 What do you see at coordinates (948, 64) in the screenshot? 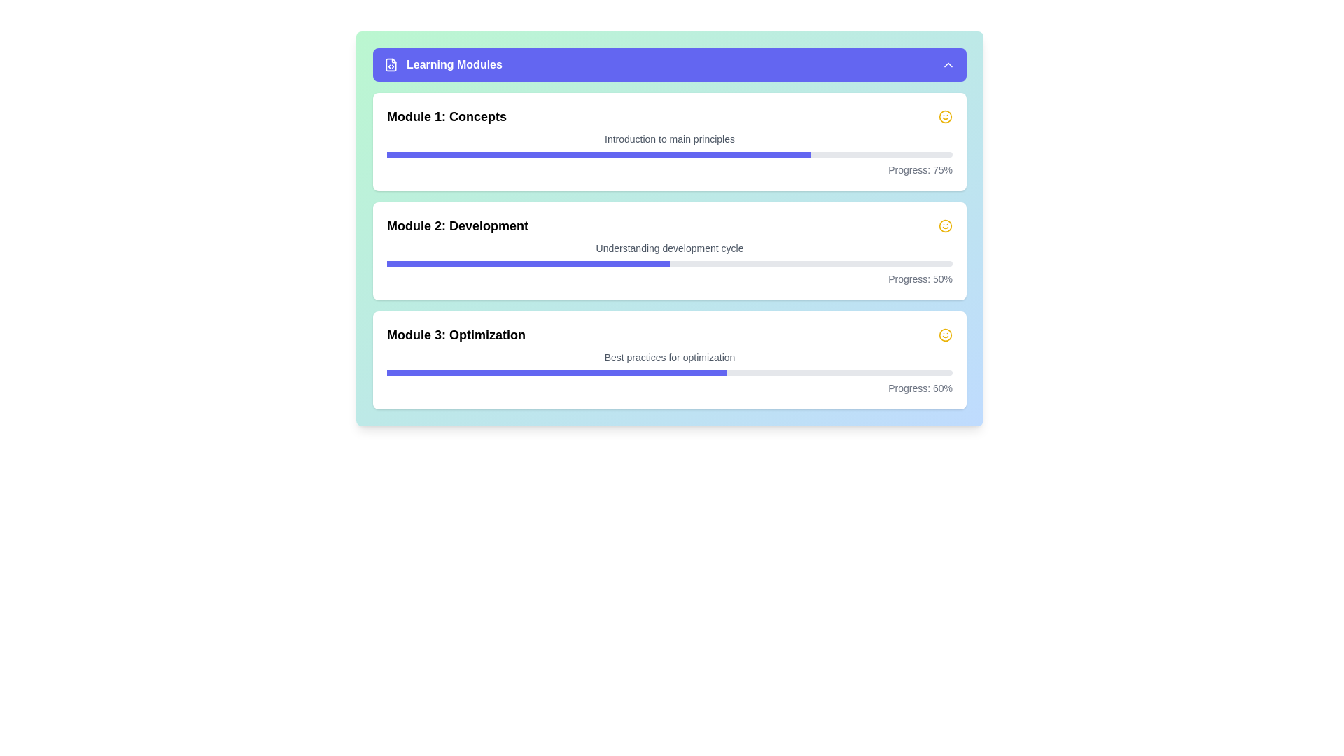
I see `the upward-facing chevron icon located in the top-right corner of the purple 'Learning Modules' header` at bounding box center [948, 64].